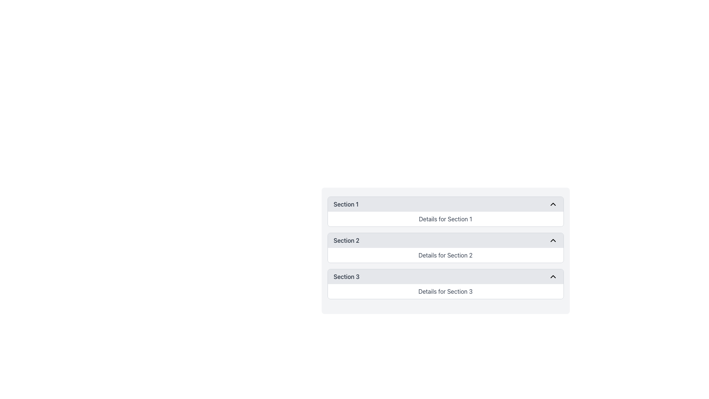 The width and height of the screenshot is (709, 399). What do you see at coordinates (553, 204) in the screenshot?
I see `the small upward-pointing chevron icon with a black stroke located at the far-right side of the 'Section 1' header` at bounding box center [553, 204].